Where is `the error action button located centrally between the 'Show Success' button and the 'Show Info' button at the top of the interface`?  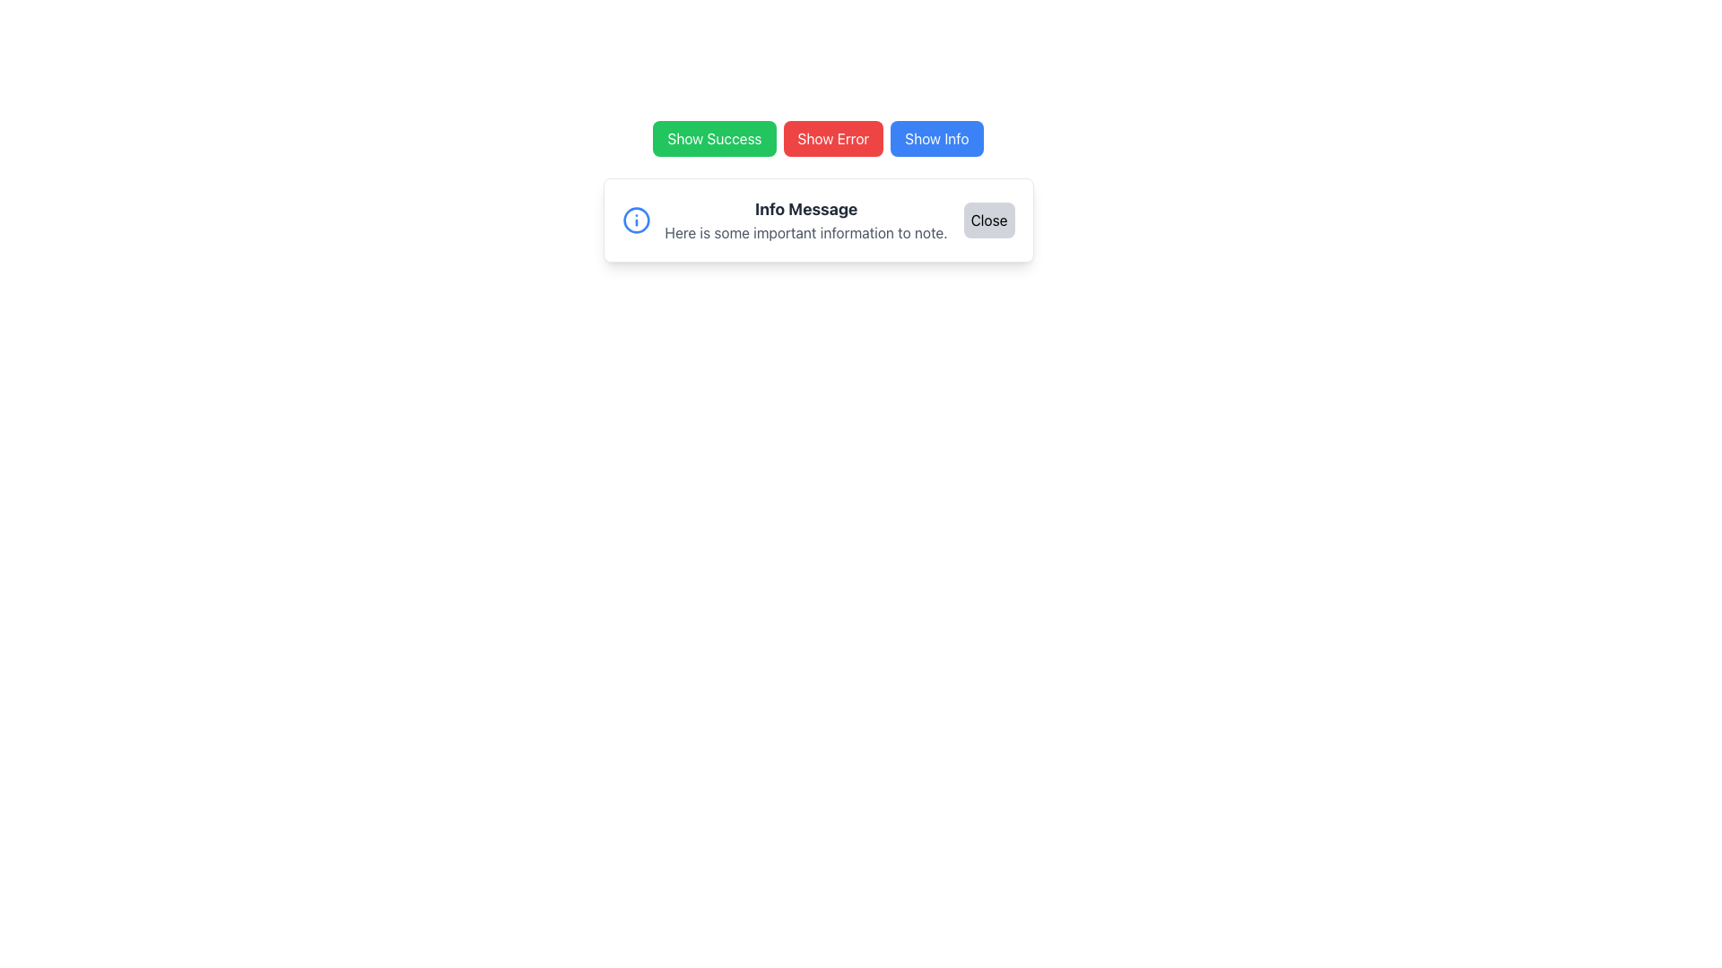
the error action button located centrally between the 'Show Success' button and the 'Show Info' button at the top of the interface is located at coordinates (832, 137).